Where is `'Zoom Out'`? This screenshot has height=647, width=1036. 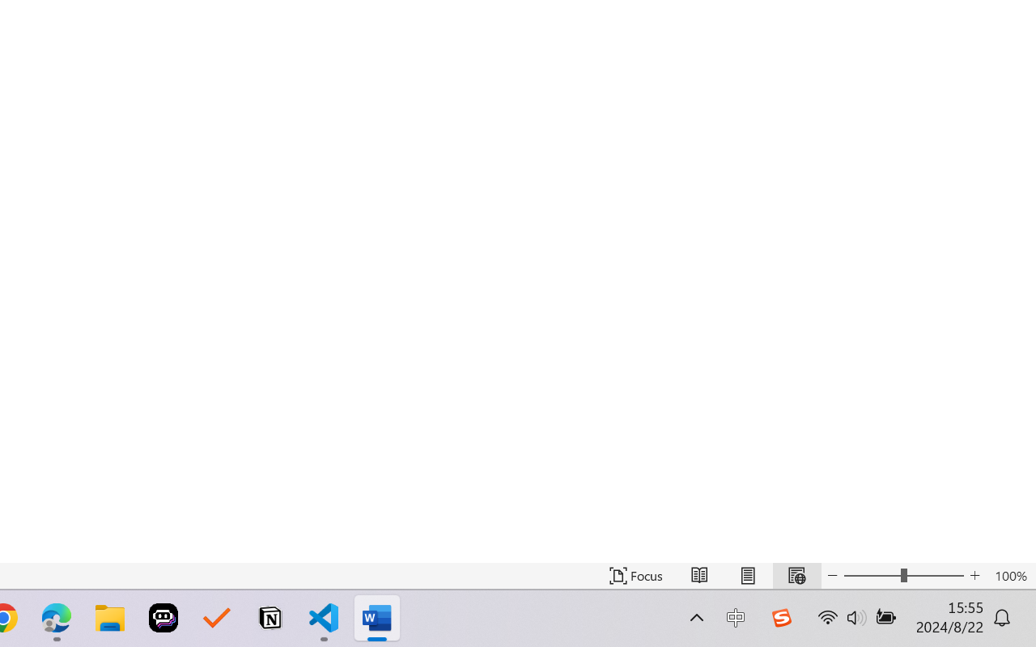
'Zoom Out' is located at coordinates (871, 575).